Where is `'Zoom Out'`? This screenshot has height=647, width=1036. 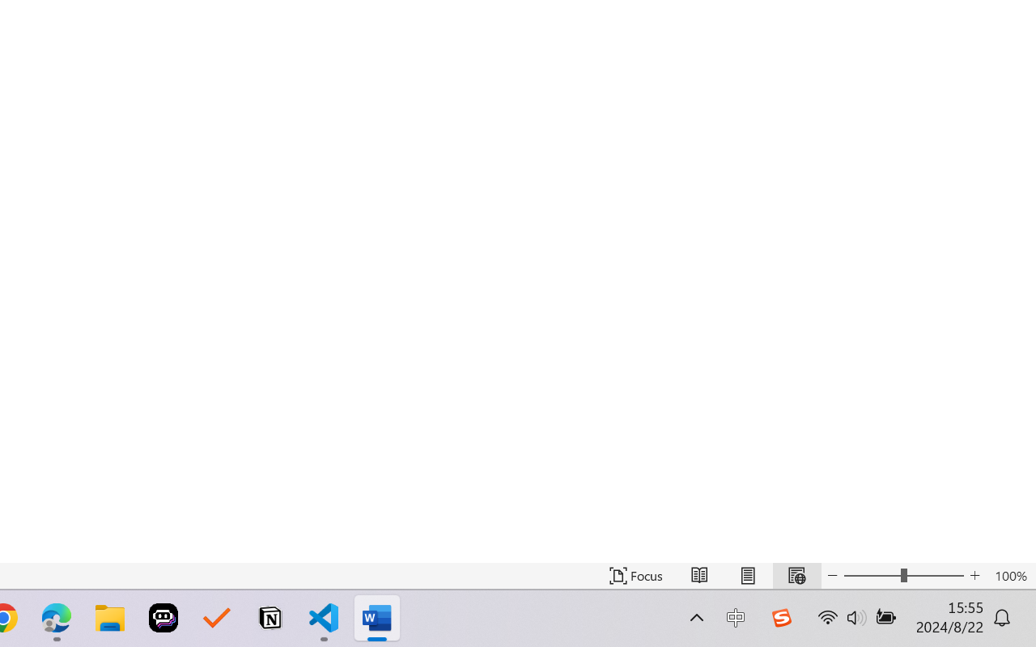
'Zoom Out' is located at coordinates (871, 575).